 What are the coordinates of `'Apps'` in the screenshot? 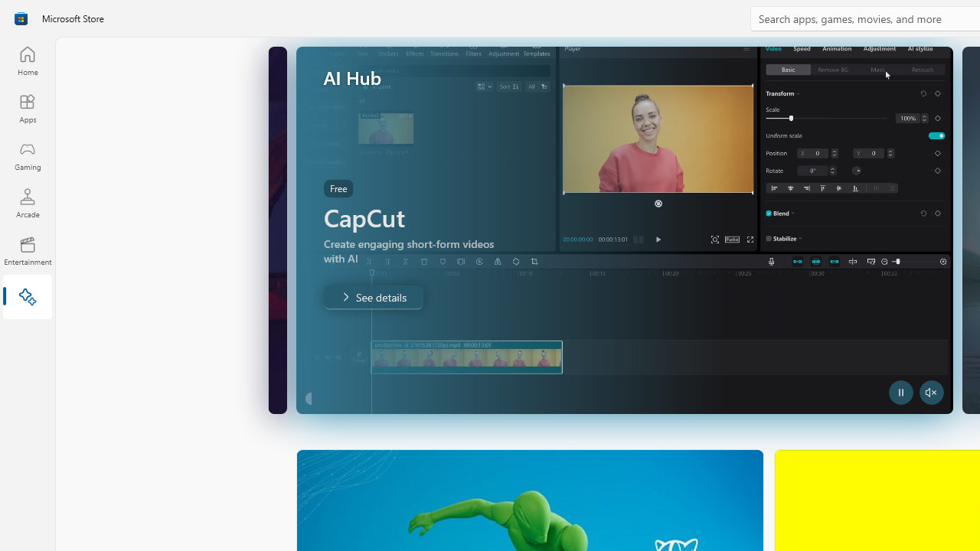 It's located at (27, 107).